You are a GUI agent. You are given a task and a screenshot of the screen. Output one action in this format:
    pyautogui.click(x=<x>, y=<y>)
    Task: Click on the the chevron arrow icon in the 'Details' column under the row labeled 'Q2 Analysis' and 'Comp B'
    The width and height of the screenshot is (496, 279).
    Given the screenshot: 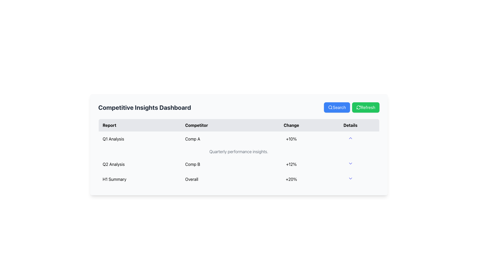 What is the action you would take?
    pyautogui.click(x=350, y=164)
    